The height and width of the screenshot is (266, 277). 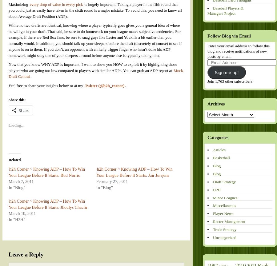 I want to click on 'While no two drafts are identical, knowing where a player typically goes gives you a general idea of where he will go in your draft. That said, be sure to do homework on your league mates subjective tendencies. For example, if there are Red Sox fans, be sure to snag guys like Lester and Youkilis a bit earlier than you normally would. In addition, you should talk up your sleepers before the draft (discretely of course) to see if anyone is on to them. If you don’t, an opponent with an itchy trigger finger who hasn’t done his ADP homework might snag one of your sleepers a round before anyone else is typically taking him.', so click(x=94, y=40).